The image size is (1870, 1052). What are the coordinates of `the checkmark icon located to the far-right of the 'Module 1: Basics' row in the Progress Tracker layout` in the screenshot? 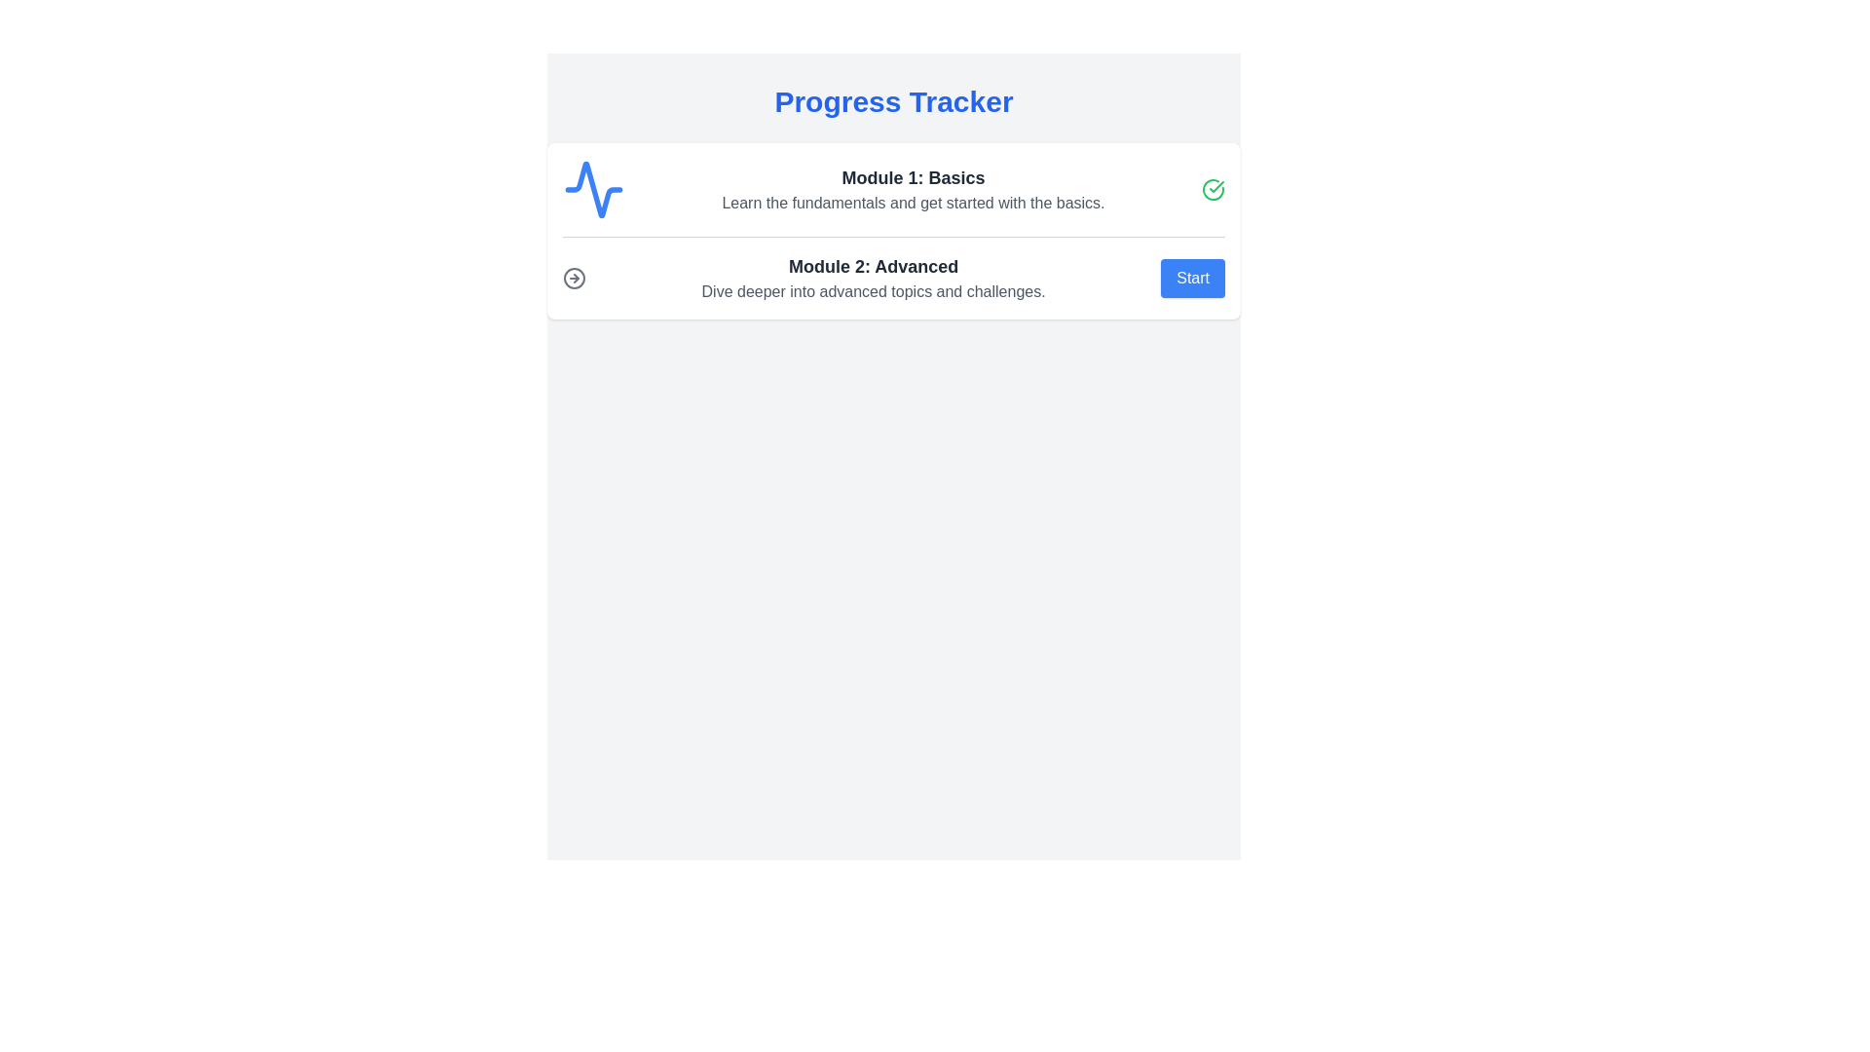 It's located at (1213, 190).